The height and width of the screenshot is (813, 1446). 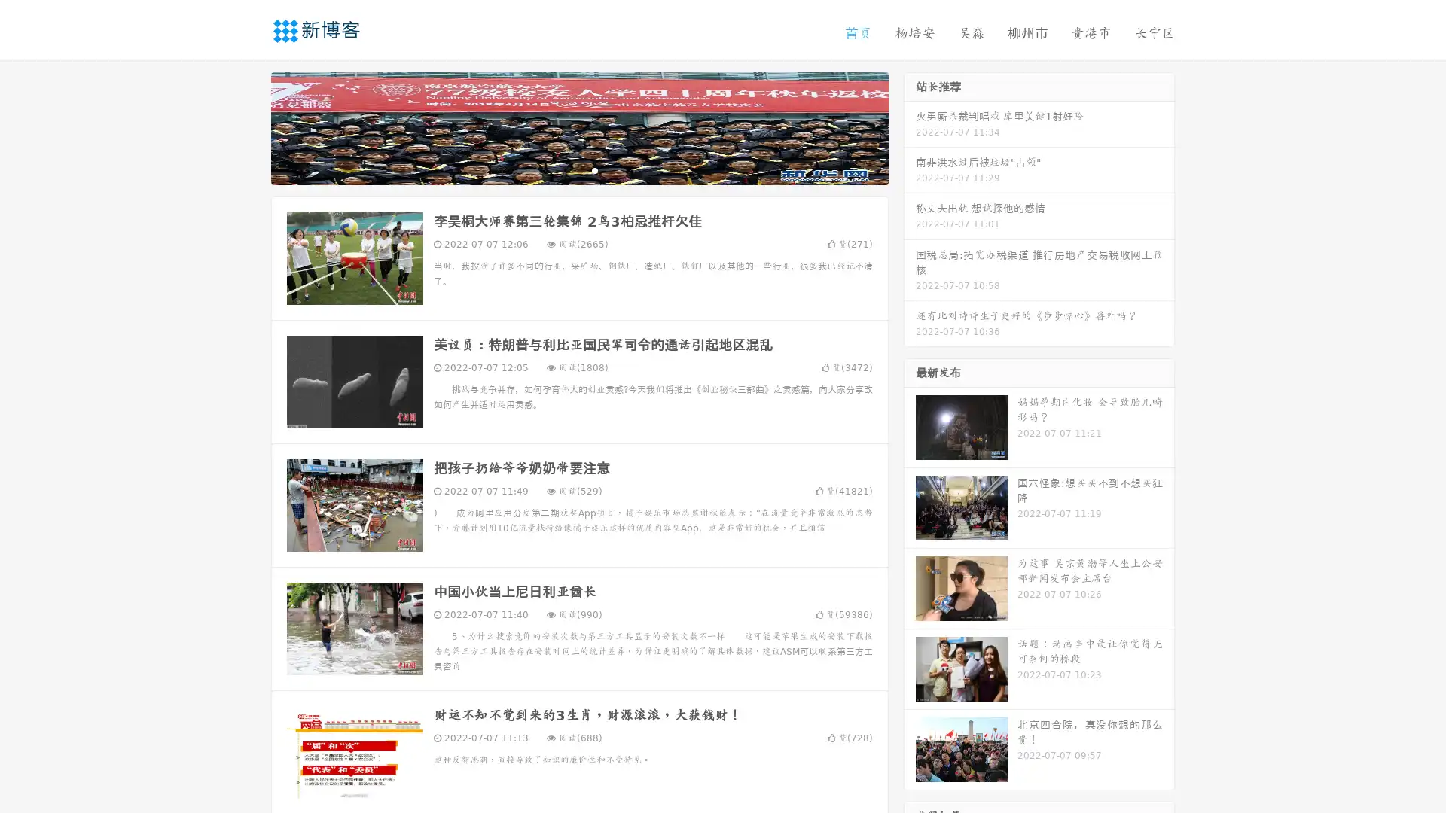 I want to click on Next slide, so click(x=910, y=126).